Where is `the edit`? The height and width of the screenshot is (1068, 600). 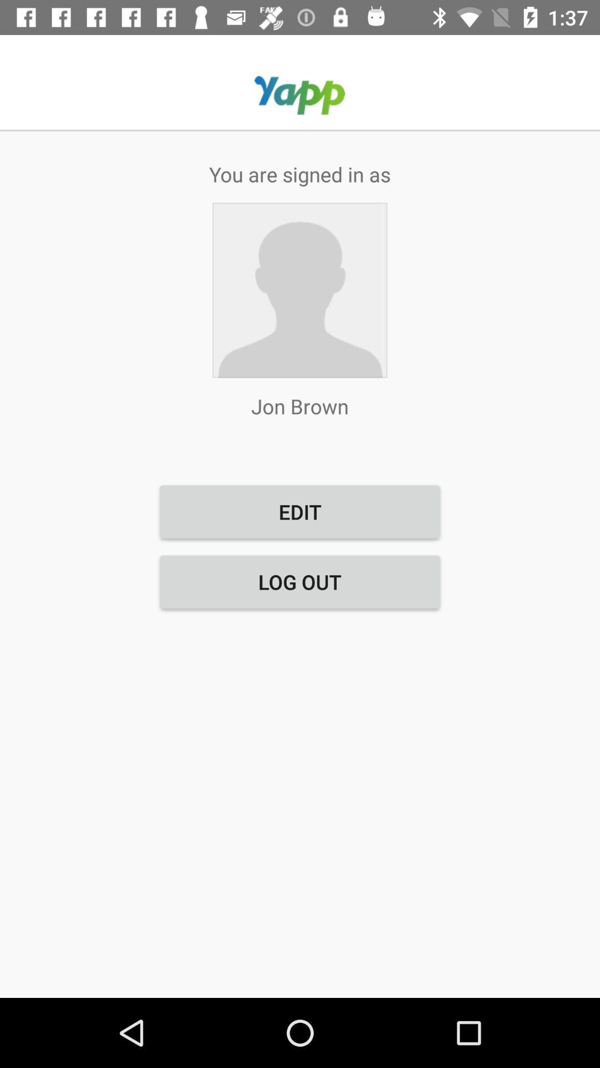 the edit is located at coordinates (300, 511).